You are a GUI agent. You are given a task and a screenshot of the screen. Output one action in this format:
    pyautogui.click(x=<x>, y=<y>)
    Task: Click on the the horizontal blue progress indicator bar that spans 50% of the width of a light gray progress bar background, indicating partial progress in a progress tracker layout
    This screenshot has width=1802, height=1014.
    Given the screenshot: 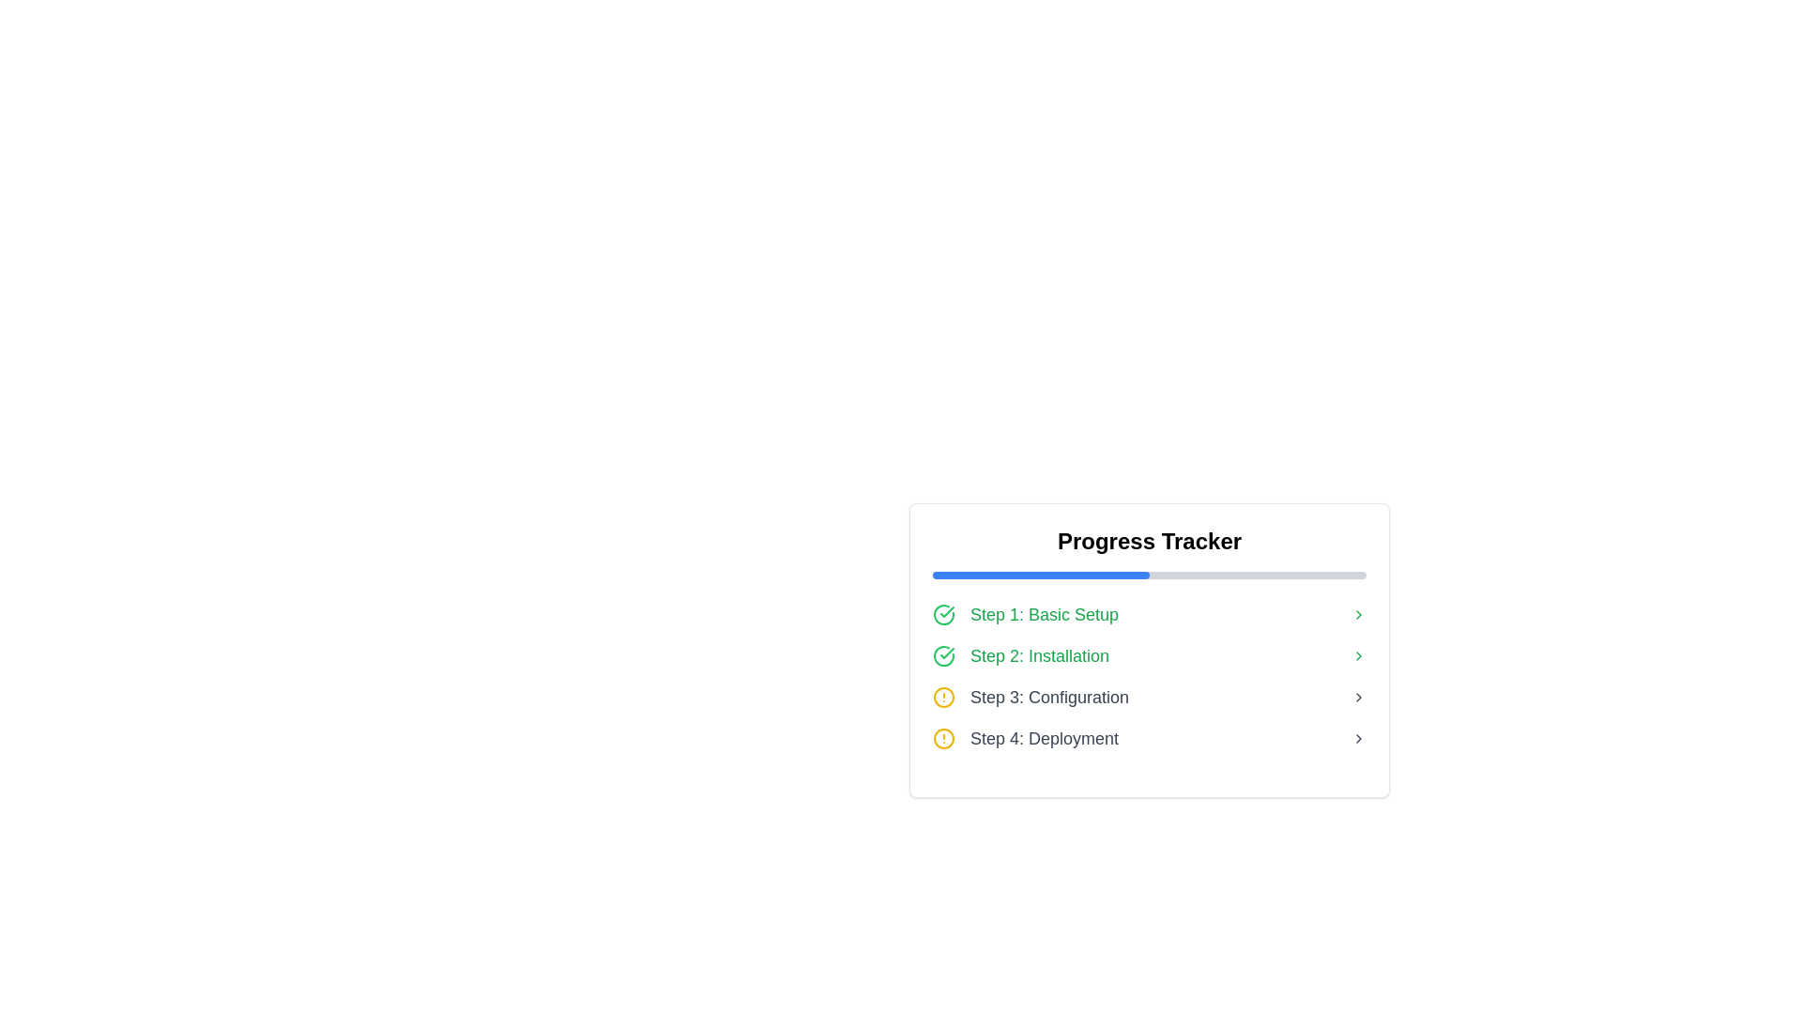 What is the action you would take?
    pyautogui.click(x=1040, y=575)
    